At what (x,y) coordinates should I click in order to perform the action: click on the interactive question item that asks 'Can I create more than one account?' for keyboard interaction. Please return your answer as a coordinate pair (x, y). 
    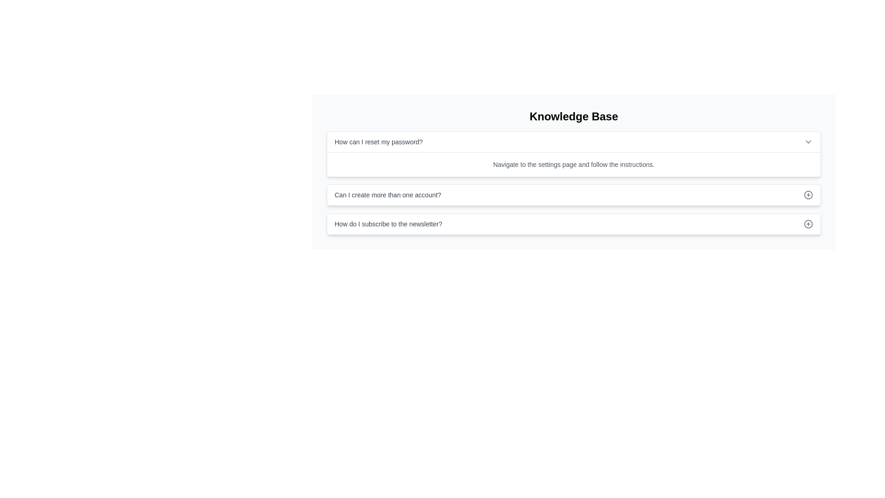
    Looking at the image, I should click on (573, 195).